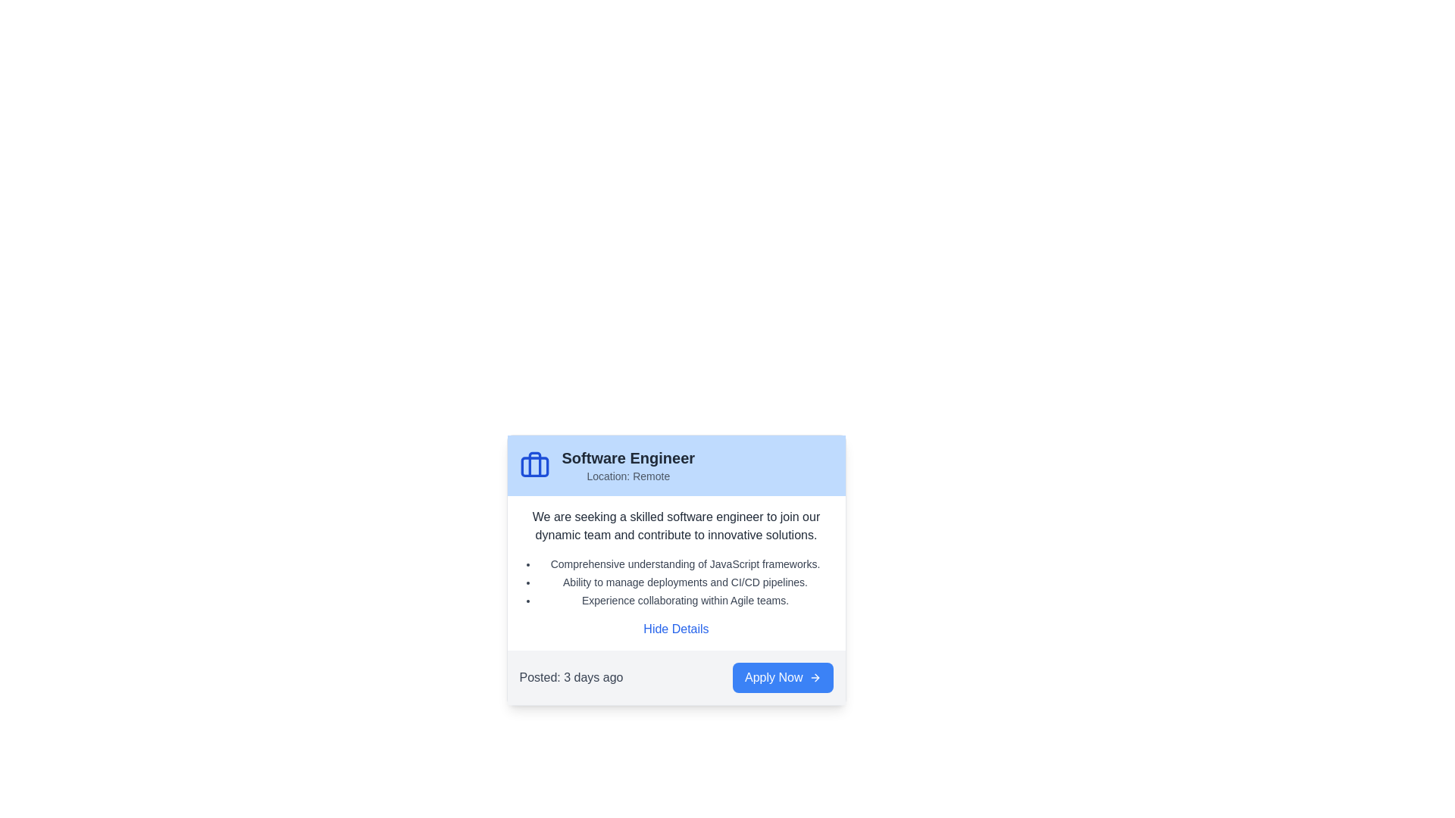 The height and width of the screenshot is (818, 1455). Describe the element at coordinates (628, 457) in the screenshot. I see `the job title label located at the top of the job posting card, which is positioned centrally above the 'Location: Remote' text and under a briefcase icon` at that location.